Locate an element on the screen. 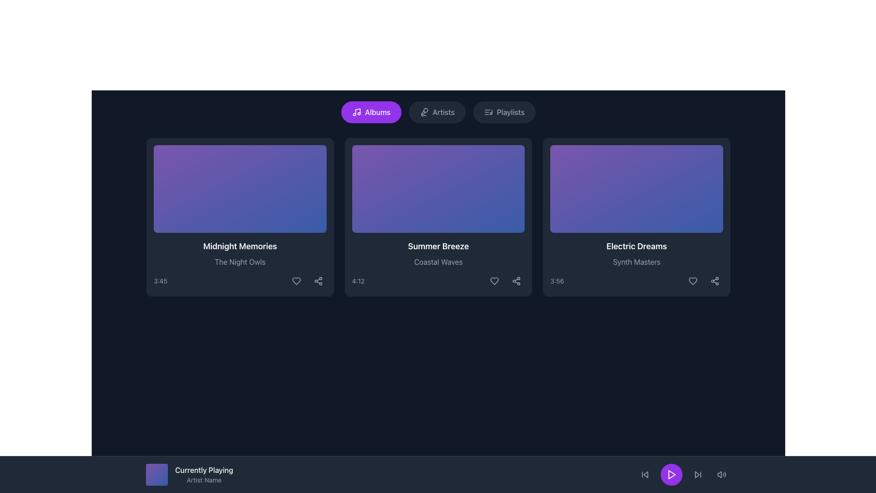  the circular button with a dark background and a backward arrow icon to skip back is located at coordinates (645, 474).